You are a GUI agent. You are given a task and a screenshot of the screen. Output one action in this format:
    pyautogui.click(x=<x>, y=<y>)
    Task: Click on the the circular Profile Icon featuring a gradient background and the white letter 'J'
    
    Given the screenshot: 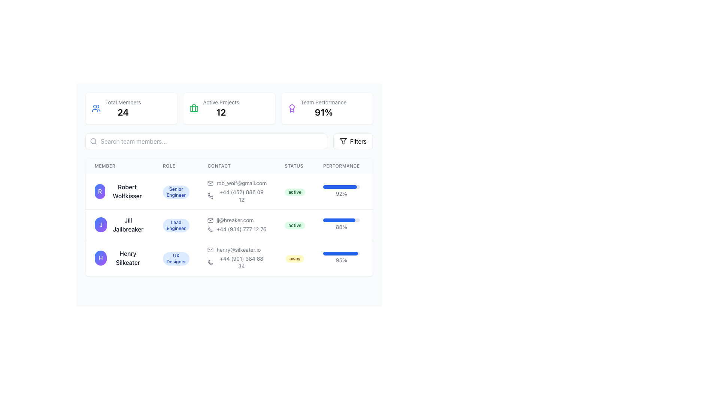 What is the action you would take?
    pyautogui.click(x=100, y=224)
    